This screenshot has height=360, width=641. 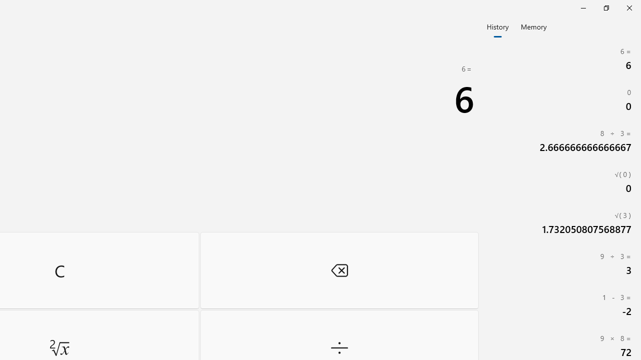 What do you see at coordinates (583, 7) in the screenshot?
I see `'Minimize Calculator'` at bounding box center [583, 7].